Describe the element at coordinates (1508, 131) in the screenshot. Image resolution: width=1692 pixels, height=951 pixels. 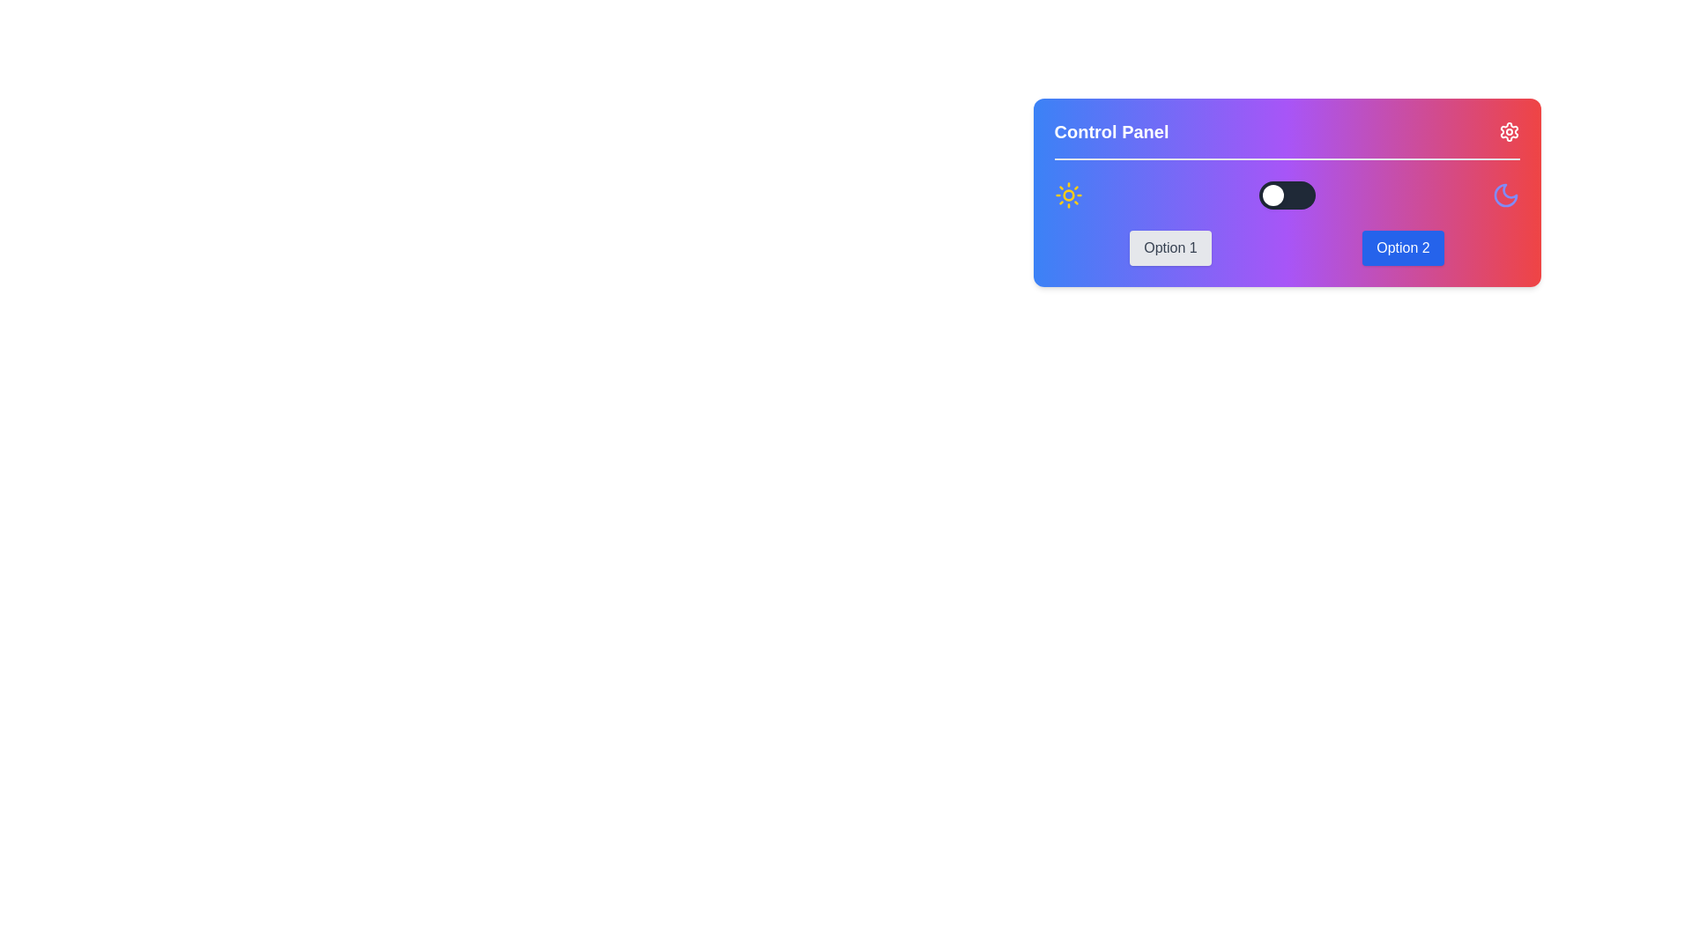
I see `the settings icon located at the far-right end of the 'Control Panel' top bar` at that location.